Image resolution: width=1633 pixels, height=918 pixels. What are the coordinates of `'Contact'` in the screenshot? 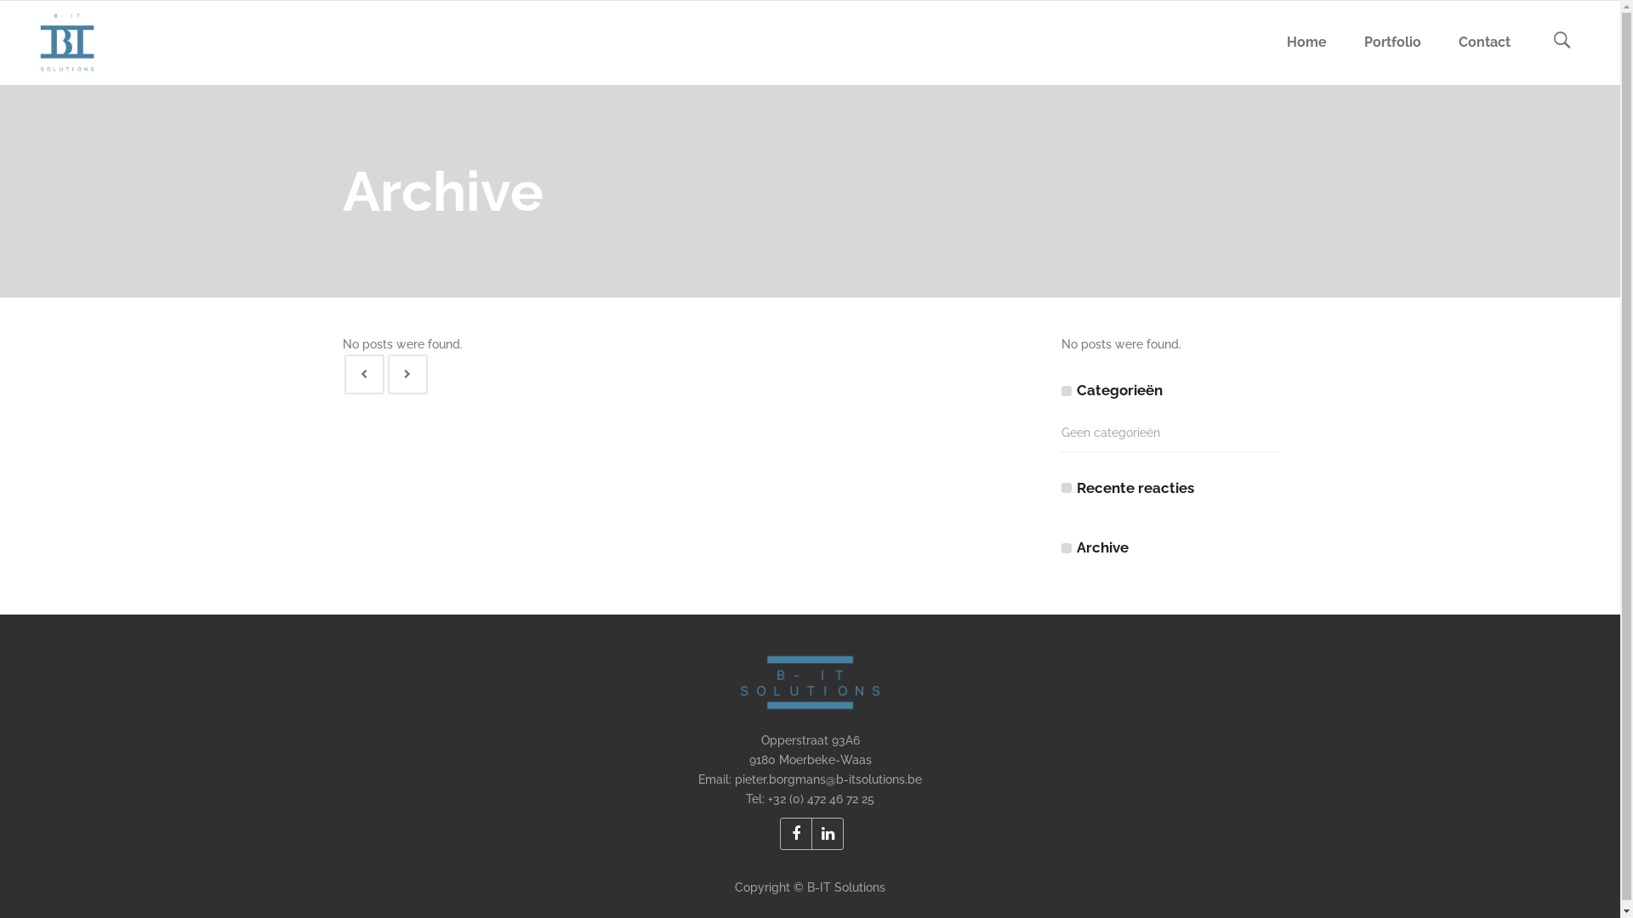 It's located at (1483, 42).